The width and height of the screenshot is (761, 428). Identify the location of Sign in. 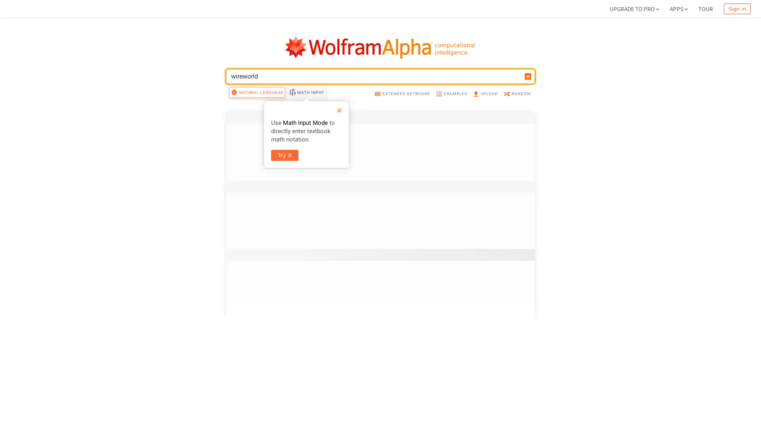
(737, 9).